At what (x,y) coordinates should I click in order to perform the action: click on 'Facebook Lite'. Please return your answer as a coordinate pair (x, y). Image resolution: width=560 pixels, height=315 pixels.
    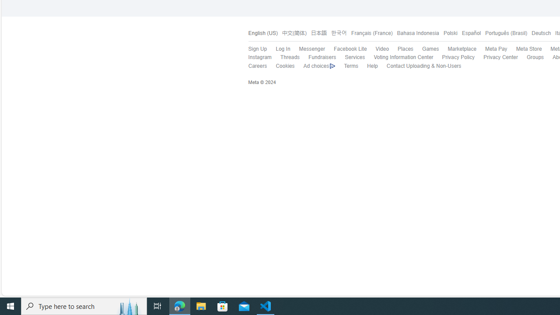
    Looking at the image, I should click on (350, 49).